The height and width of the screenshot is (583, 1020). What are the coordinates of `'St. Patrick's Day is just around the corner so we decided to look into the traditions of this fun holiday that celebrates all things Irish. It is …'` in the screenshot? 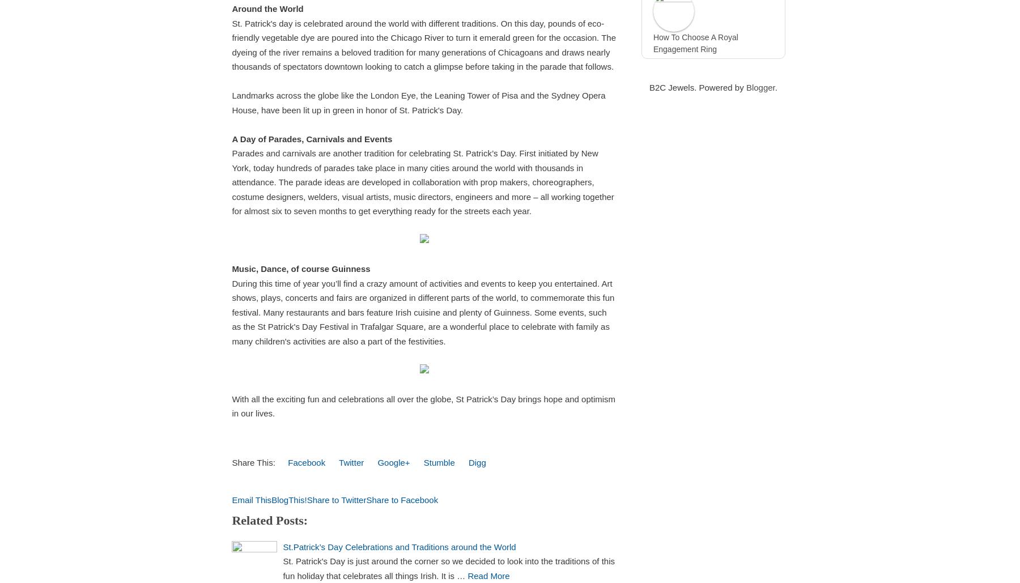 It's located at (282, 567).